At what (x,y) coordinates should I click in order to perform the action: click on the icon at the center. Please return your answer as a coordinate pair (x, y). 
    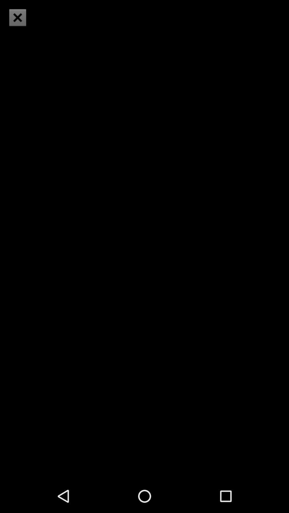
    Looking at the image, I should click on (144, 239).